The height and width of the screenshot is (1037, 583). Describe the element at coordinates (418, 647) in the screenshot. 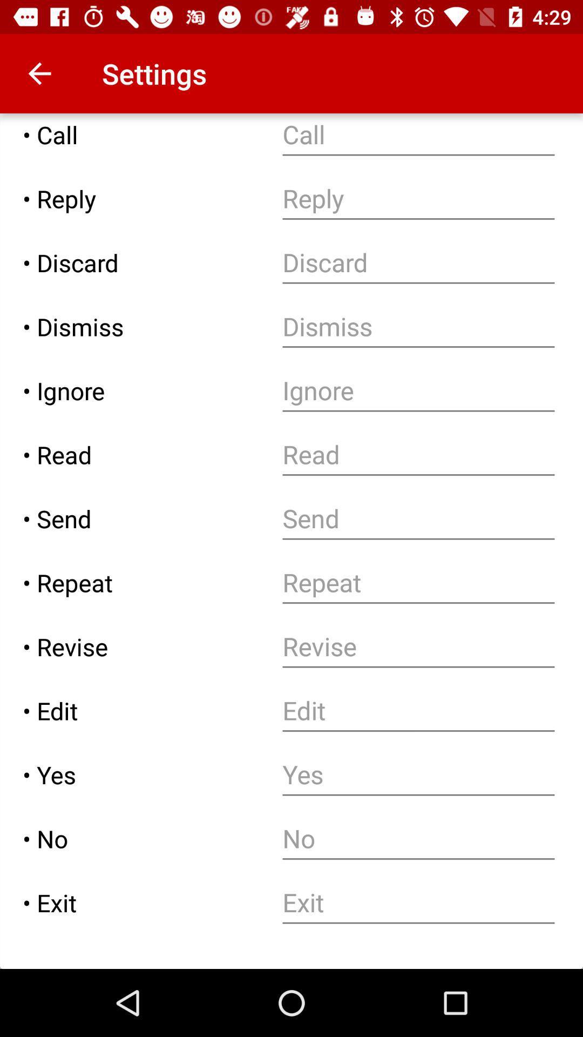

I see `revision input` at that location.